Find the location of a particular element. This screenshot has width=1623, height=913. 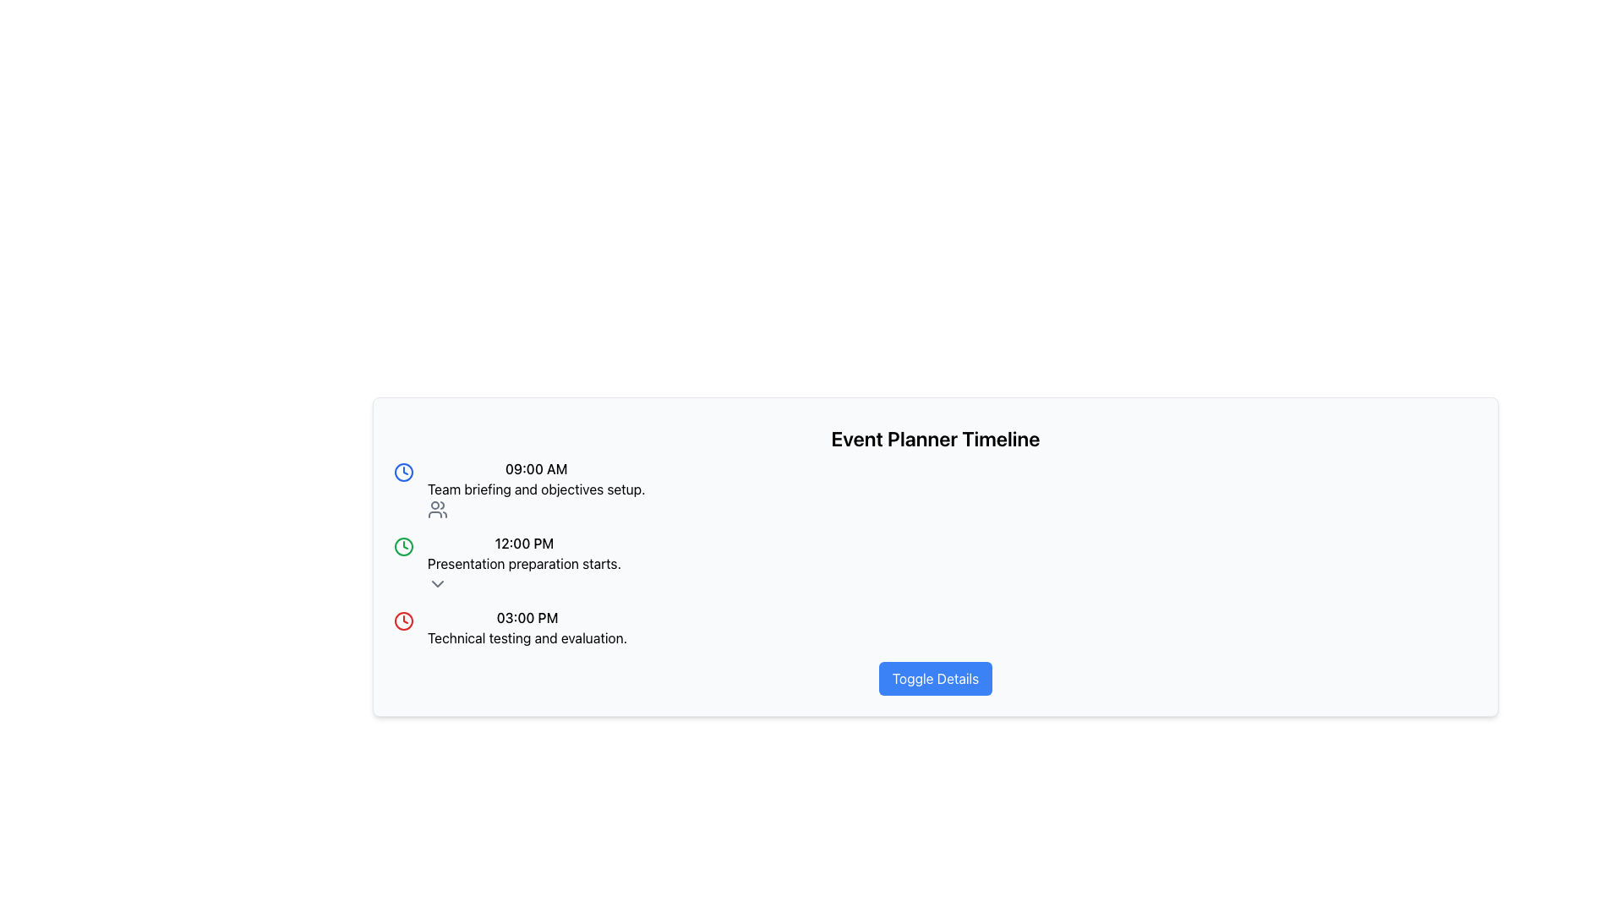

the clock icon that visually represents a time-related event, located to the left of the '03:00 PM Technical testing and evaluation' text is located at coordinates (403, 547).